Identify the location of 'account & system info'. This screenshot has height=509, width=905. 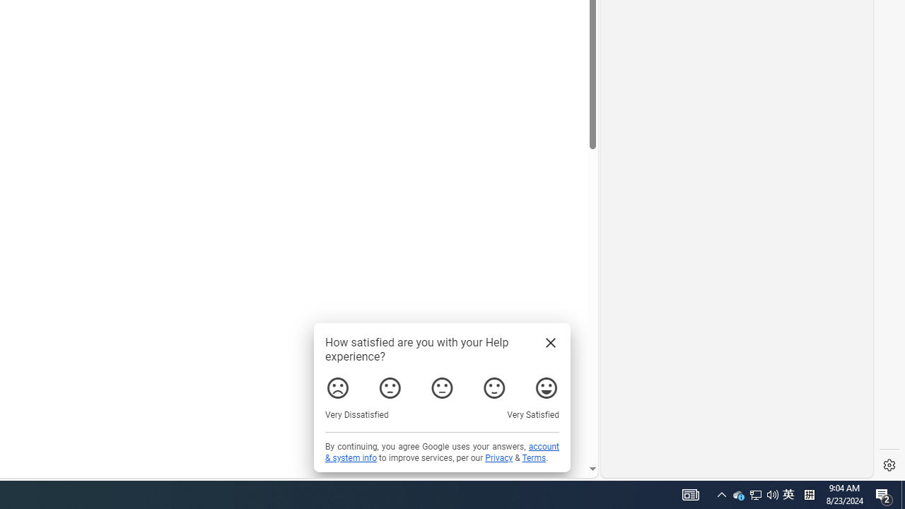
(441, 452).